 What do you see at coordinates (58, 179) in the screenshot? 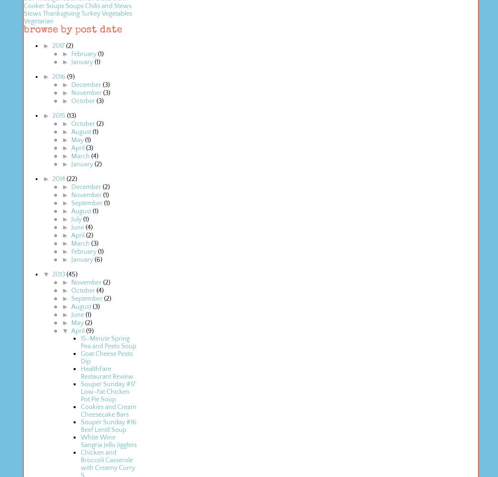
I see `'2014'` at bounding box center [58, 179].